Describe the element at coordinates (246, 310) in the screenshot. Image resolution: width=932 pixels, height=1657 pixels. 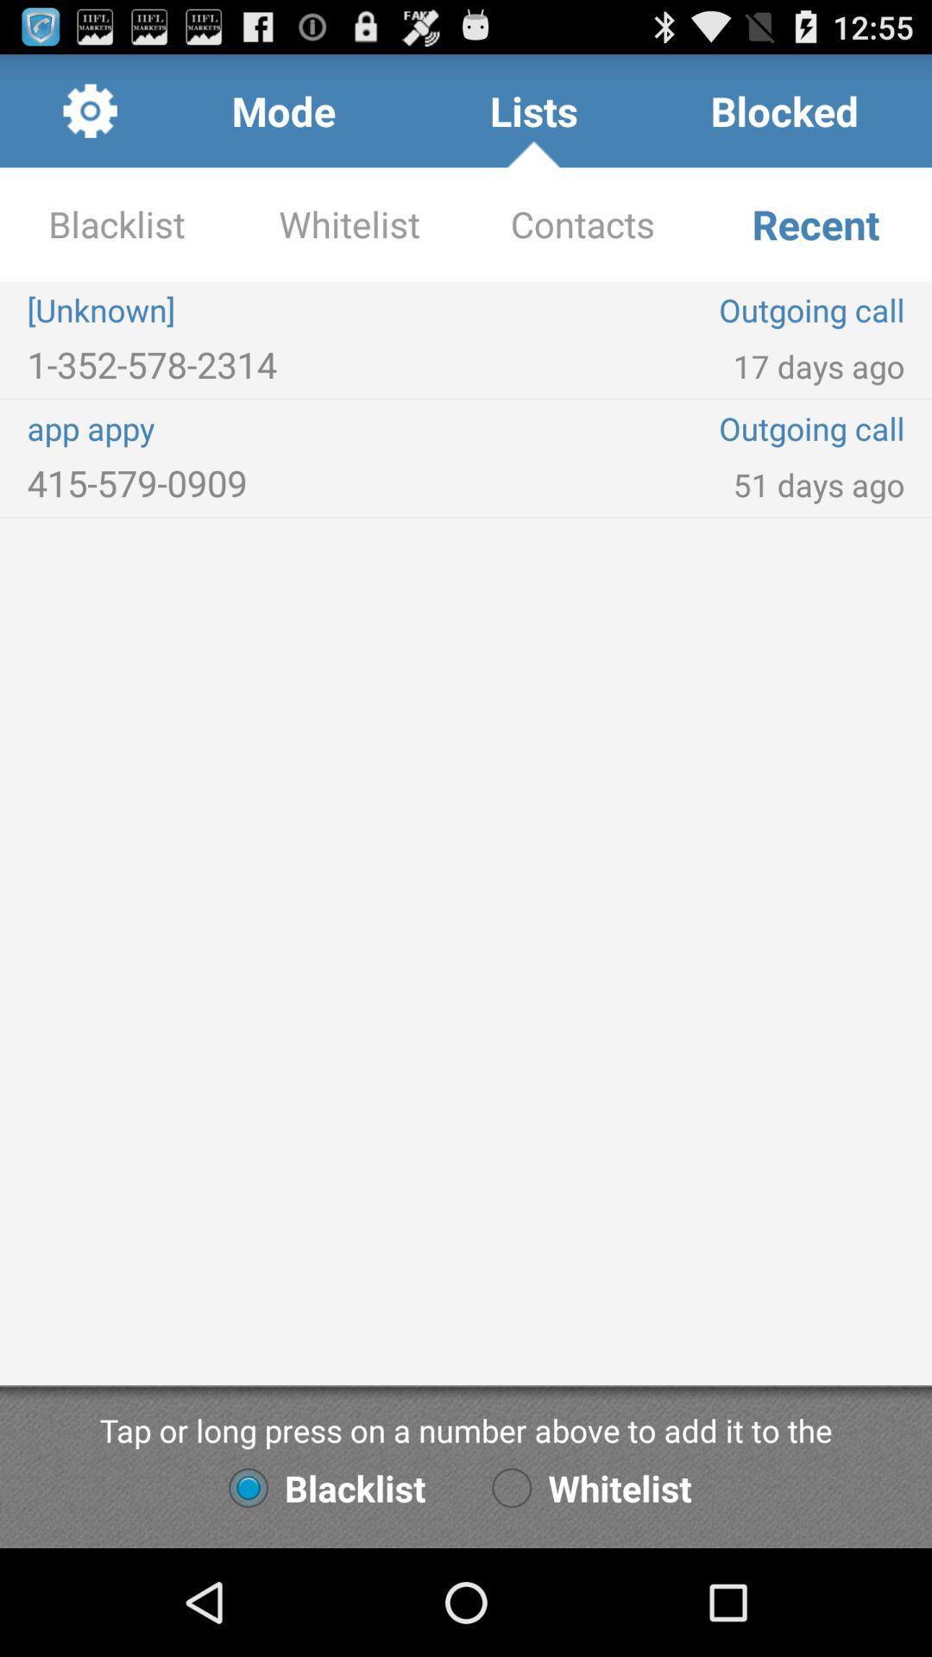
I see `the [unknown] app` at that location.